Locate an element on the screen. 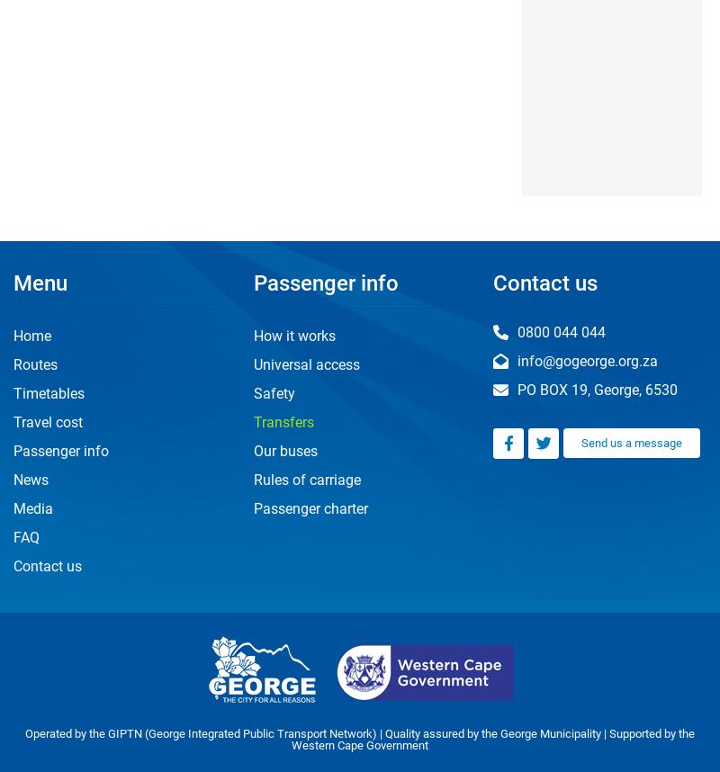  'PO BOX 19, George, 6530' is located at coordinates (595, 389).